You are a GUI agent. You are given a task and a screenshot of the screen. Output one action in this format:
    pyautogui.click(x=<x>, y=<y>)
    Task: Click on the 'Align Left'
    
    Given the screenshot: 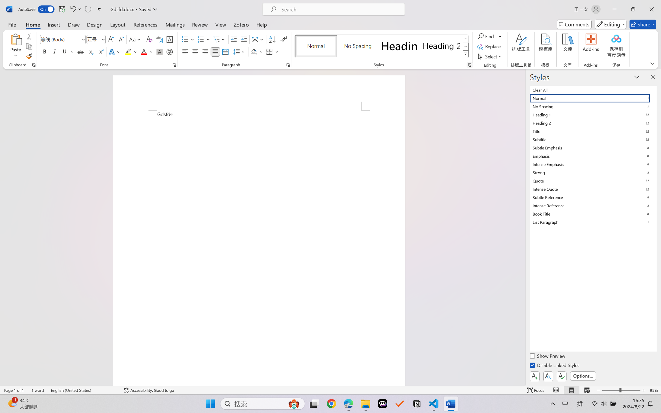 What is the action you would take?
    pyautogui.click(x=185, y=51)
    